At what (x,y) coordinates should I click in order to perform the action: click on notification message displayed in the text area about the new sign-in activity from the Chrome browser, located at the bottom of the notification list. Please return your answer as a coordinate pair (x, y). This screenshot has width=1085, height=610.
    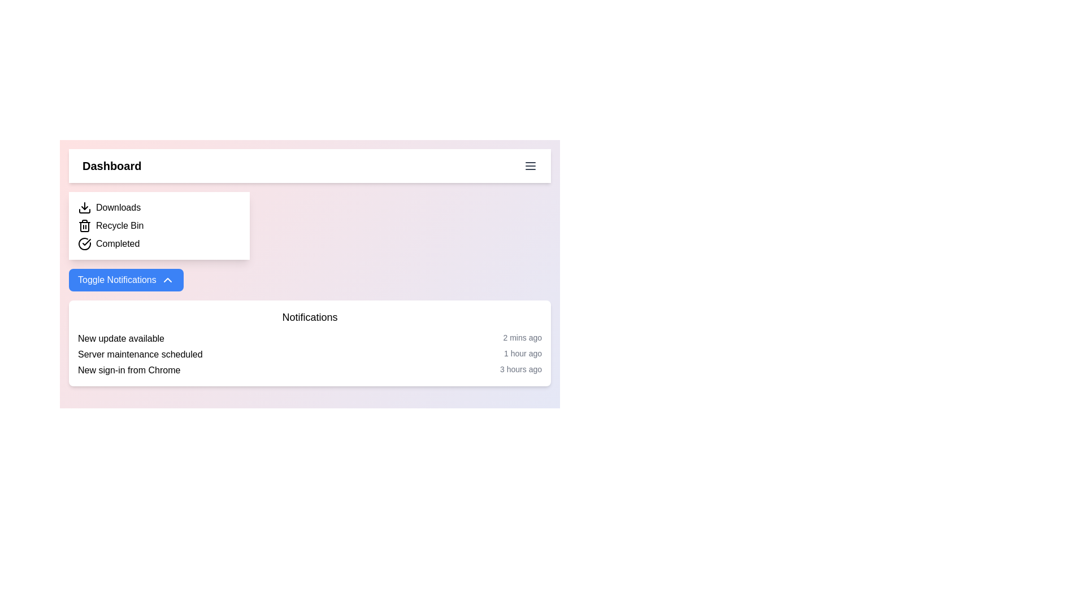
    Looking at the image, I should click on (129, 370).